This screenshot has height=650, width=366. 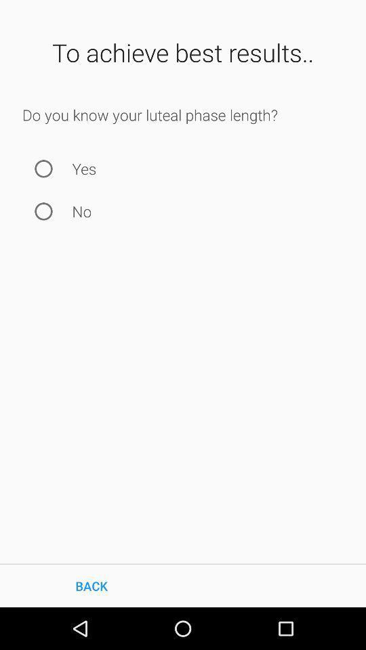 I want to click on the icon next to the no, so click(x=43, y=211).